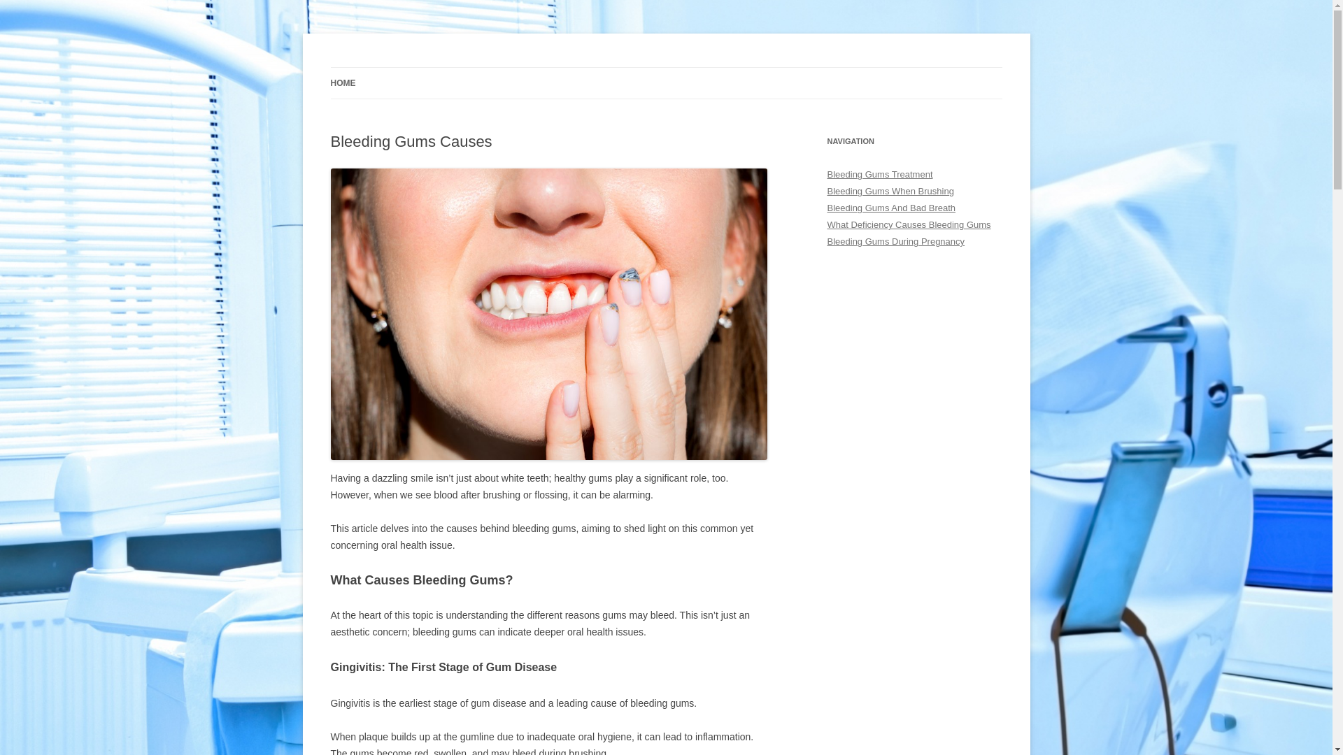 This screenshot has height=755, width=1343. Describe the element at coordinates (879, 173) in the screenshot. I see `'Bleeding Gums Treatment'` at that location.